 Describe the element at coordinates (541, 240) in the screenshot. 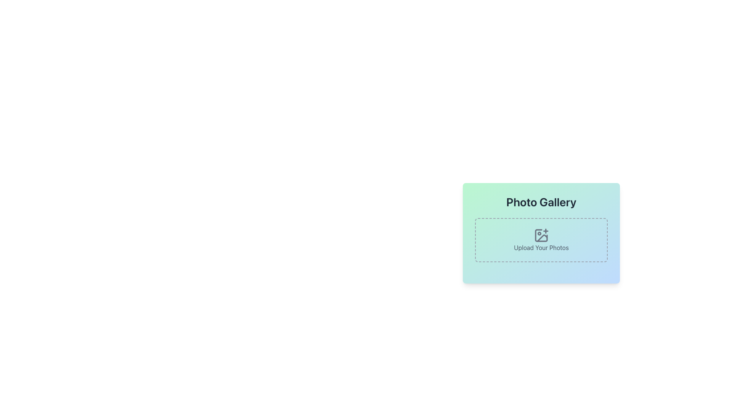

I see `and drop photos onto the upload button or upload interface element, which is a rectangular box with a dashed gray border and rounded corners, featuring an image upload icon and the label 'Upload Your Photos'` at that location.